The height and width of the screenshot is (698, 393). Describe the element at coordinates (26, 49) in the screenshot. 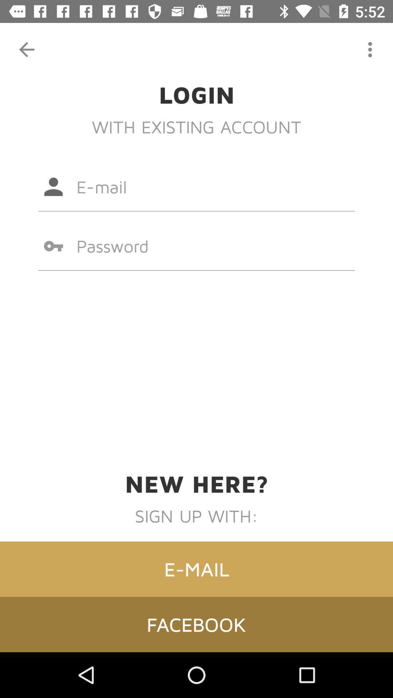

I see `item at the top left corner` at that location.